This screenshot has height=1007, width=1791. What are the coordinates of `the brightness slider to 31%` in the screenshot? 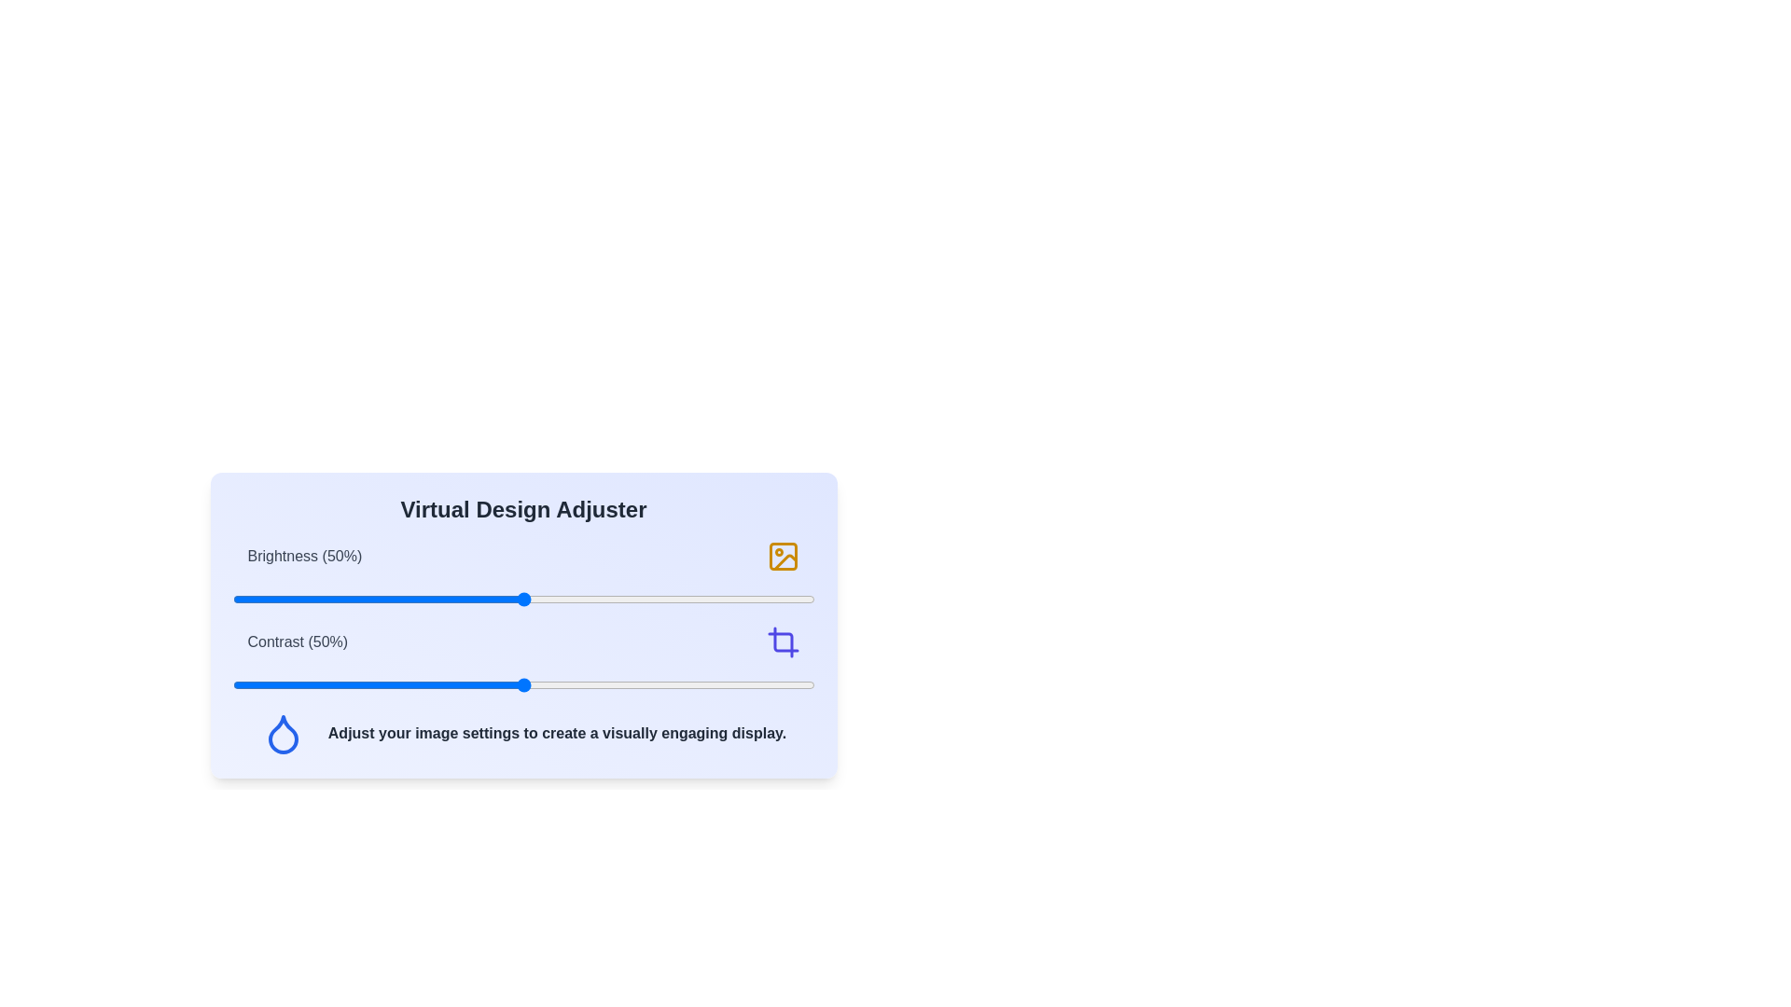 It's located at (411, 600).